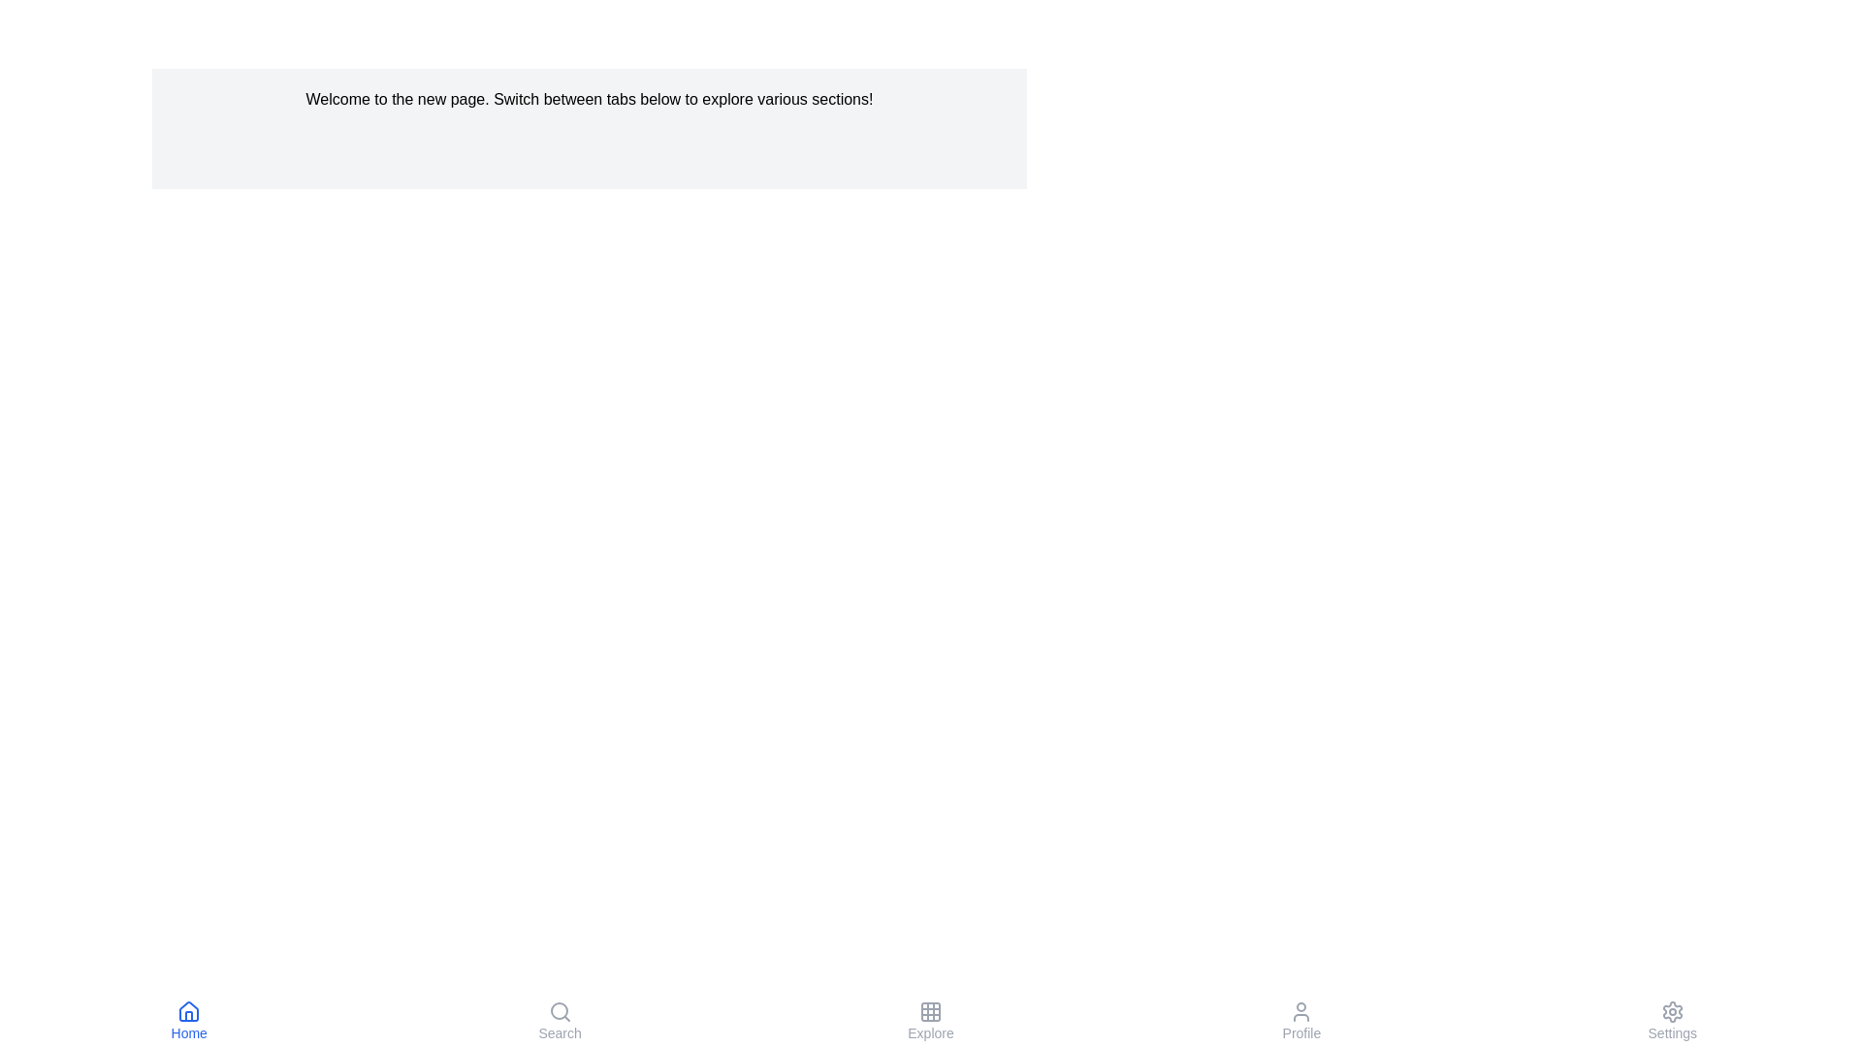 This screenshot has width=1862, height=1047. What do you see at coordinates (1671, 1011) in the screenshot?
I see `the 'Settings' icon located at the far right of the bottom navigation bar` at bounding box center [1671, 1011].